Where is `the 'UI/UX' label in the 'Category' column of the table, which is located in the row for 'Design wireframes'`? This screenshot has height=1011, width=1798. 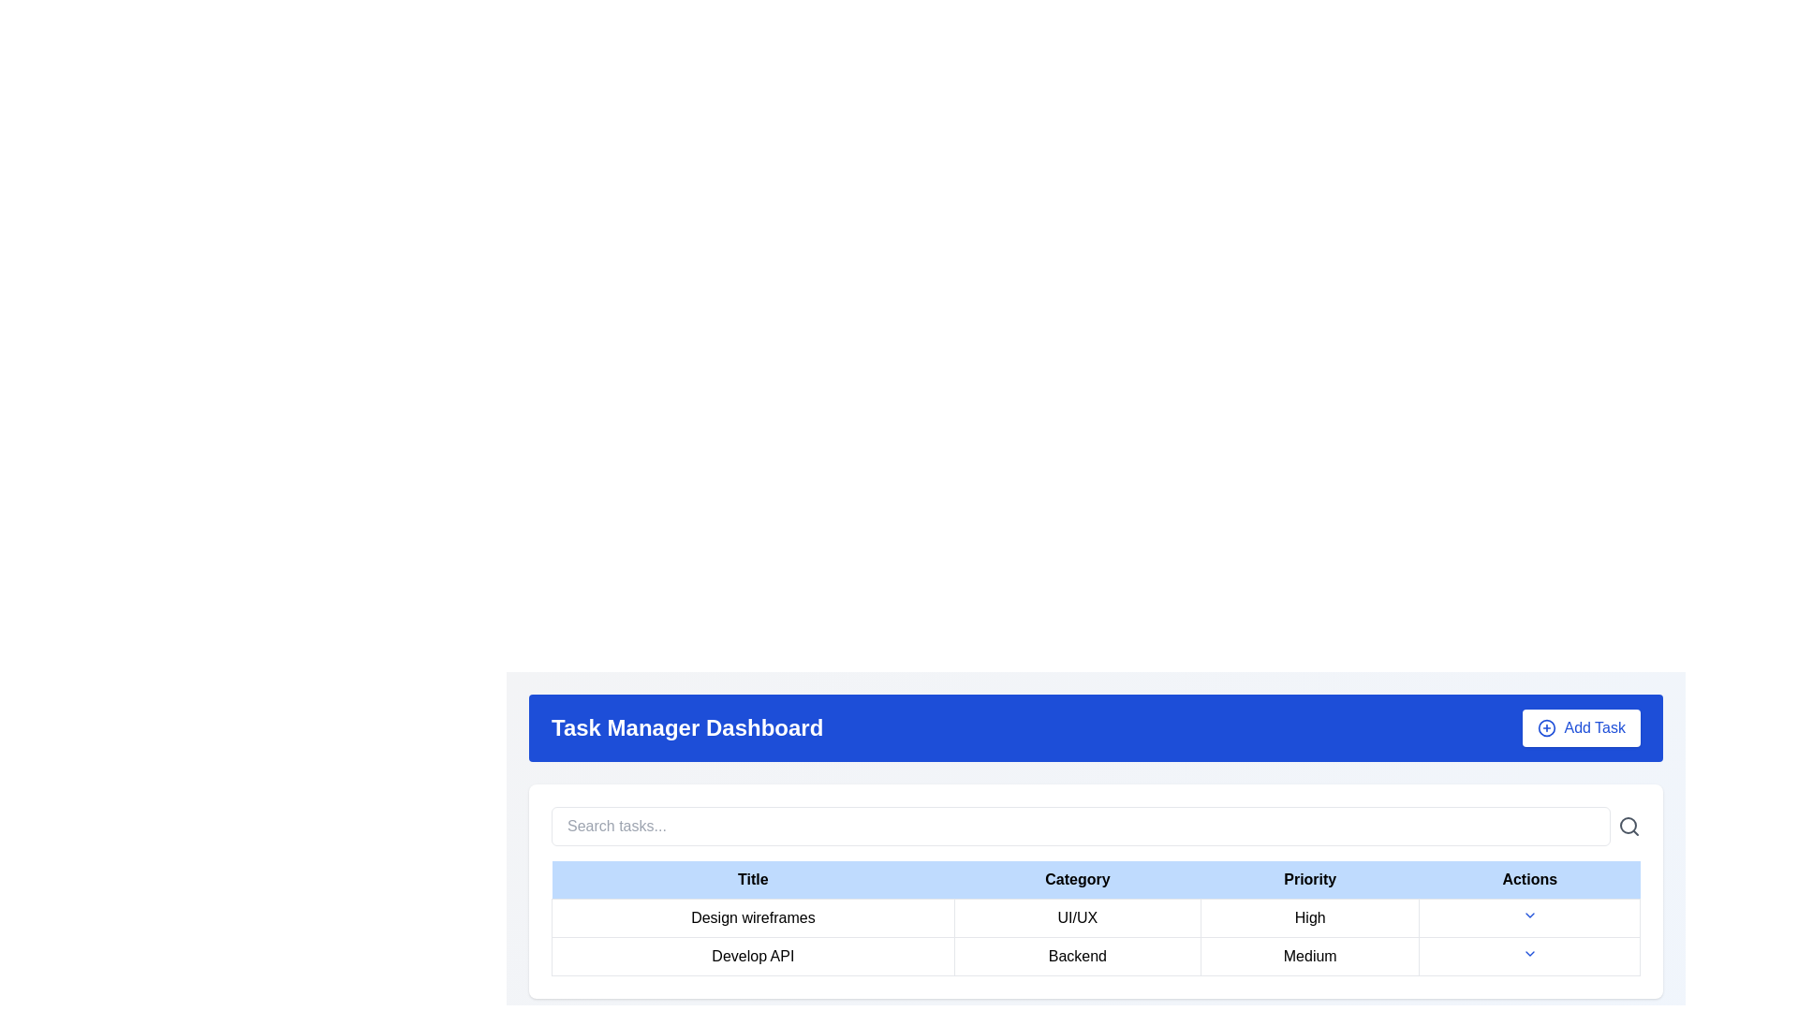 the 'UI/UX' label in the 'Category' column of the table, which is located in the row for 'Design wireframes' is located at coordinates (1077, 916).